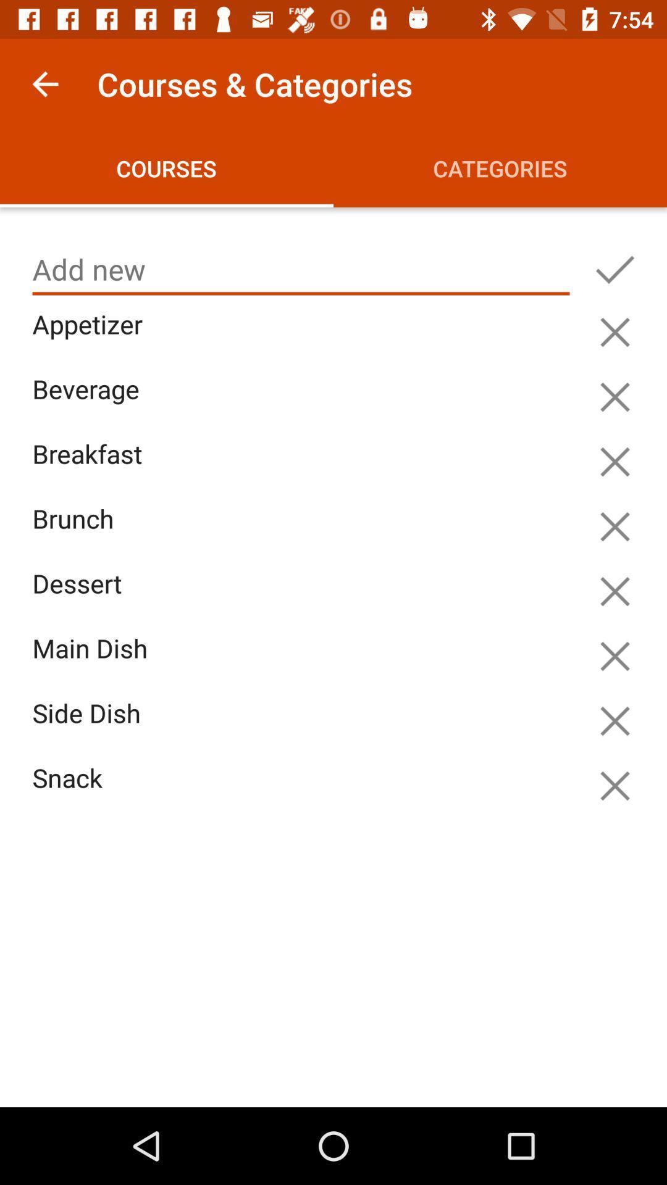 Image resolution: width=667 pixels, height=1185 pixels. I want to click on remove item, so click(615, 461).